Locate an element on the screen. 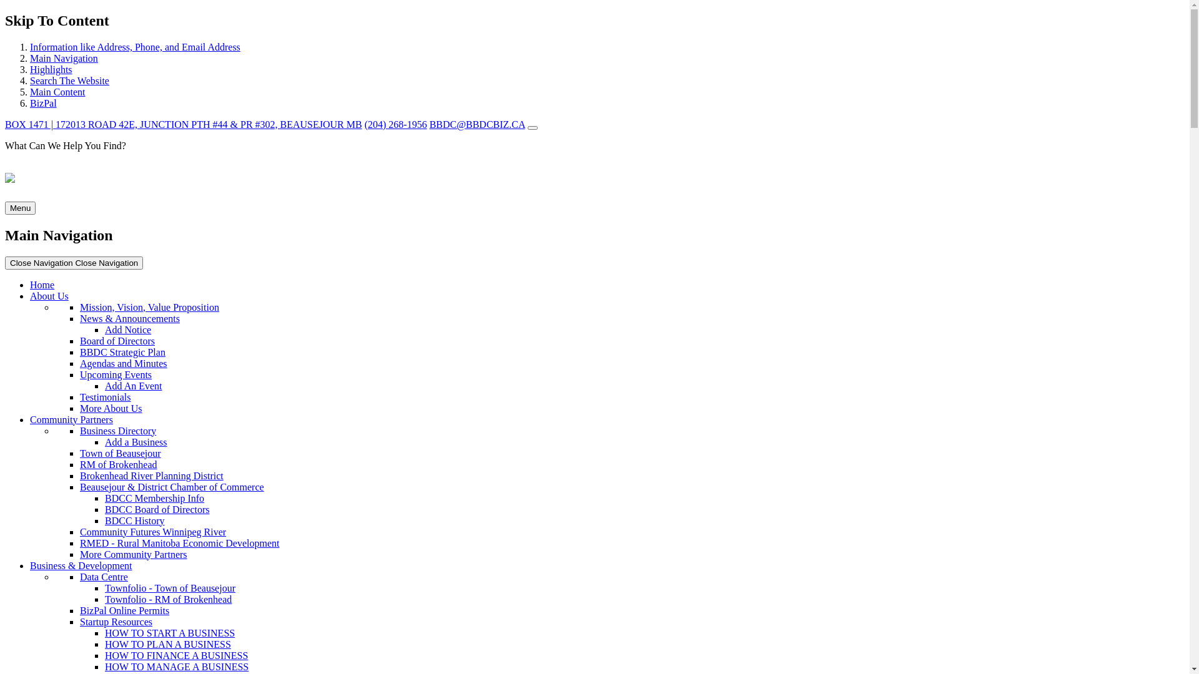 The height and width of the screenshot is (674, 1199). 'HOW TO START A BUSINESS' is located at coordinates (169, 633).